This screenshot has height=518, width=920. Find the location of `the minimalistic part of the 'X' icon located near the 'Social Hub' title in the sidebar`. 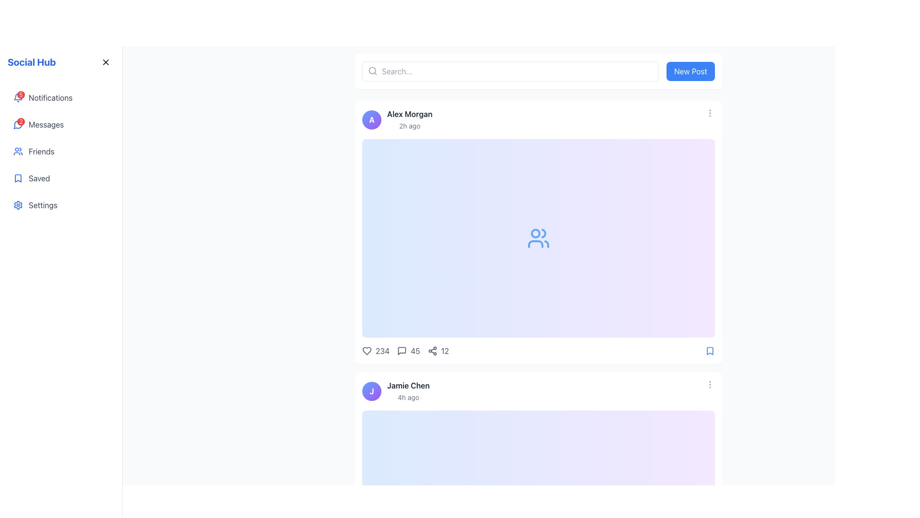

the minimalistic part of the 'X' icon located near the 'Social Hub' title in the sidebar is located at coordinates (105, 62).